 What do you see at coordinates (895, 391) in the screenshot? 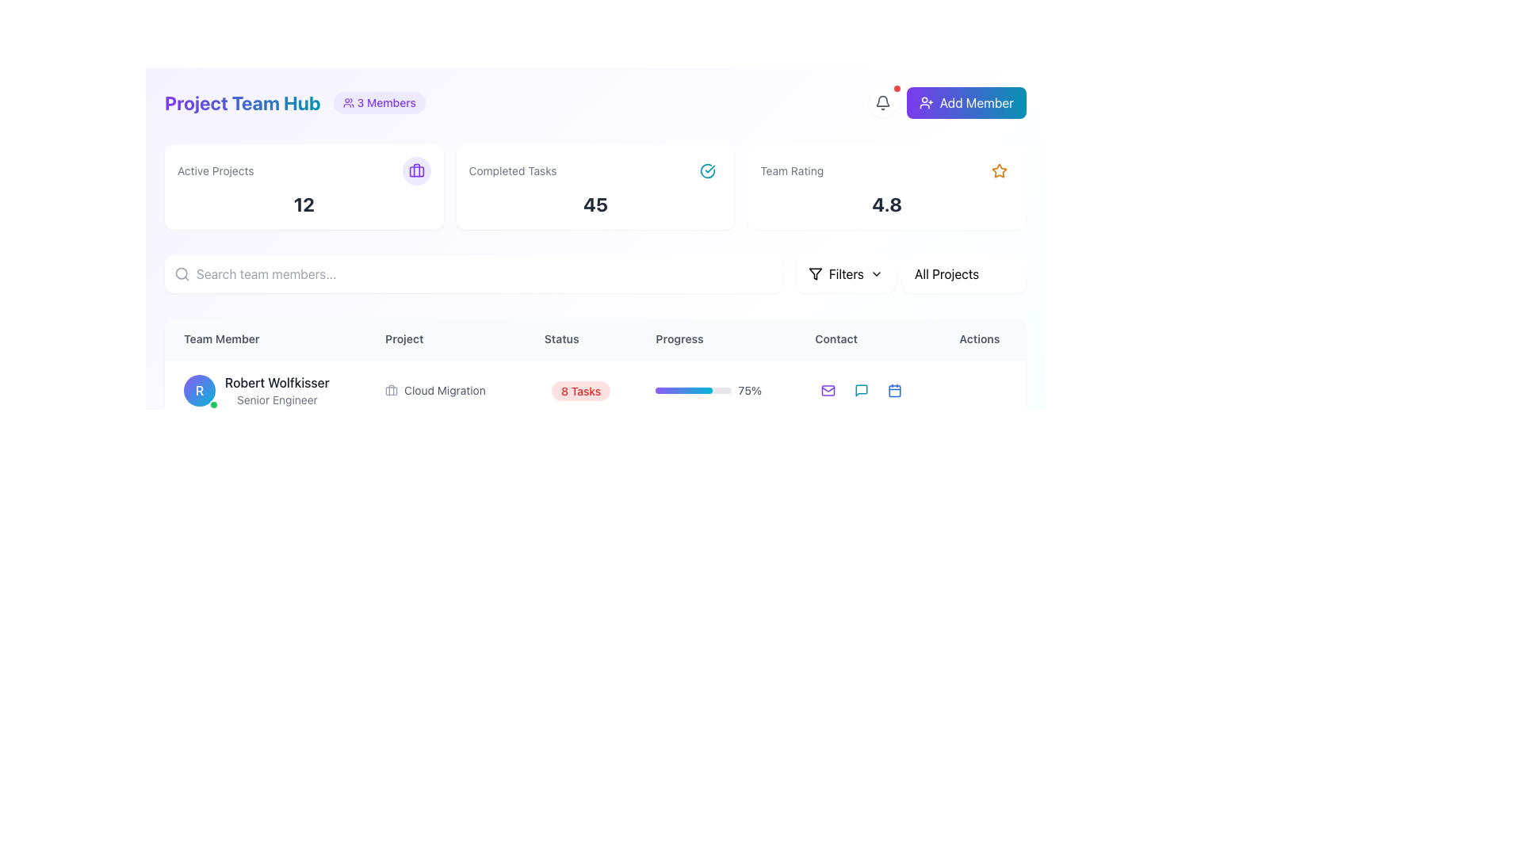
I see `the small, rounded rectangular button with a calendar icon located in the 'Actions' column of the table at the bottom of the interface for reordering purposes` at bounding box center [895, 391].